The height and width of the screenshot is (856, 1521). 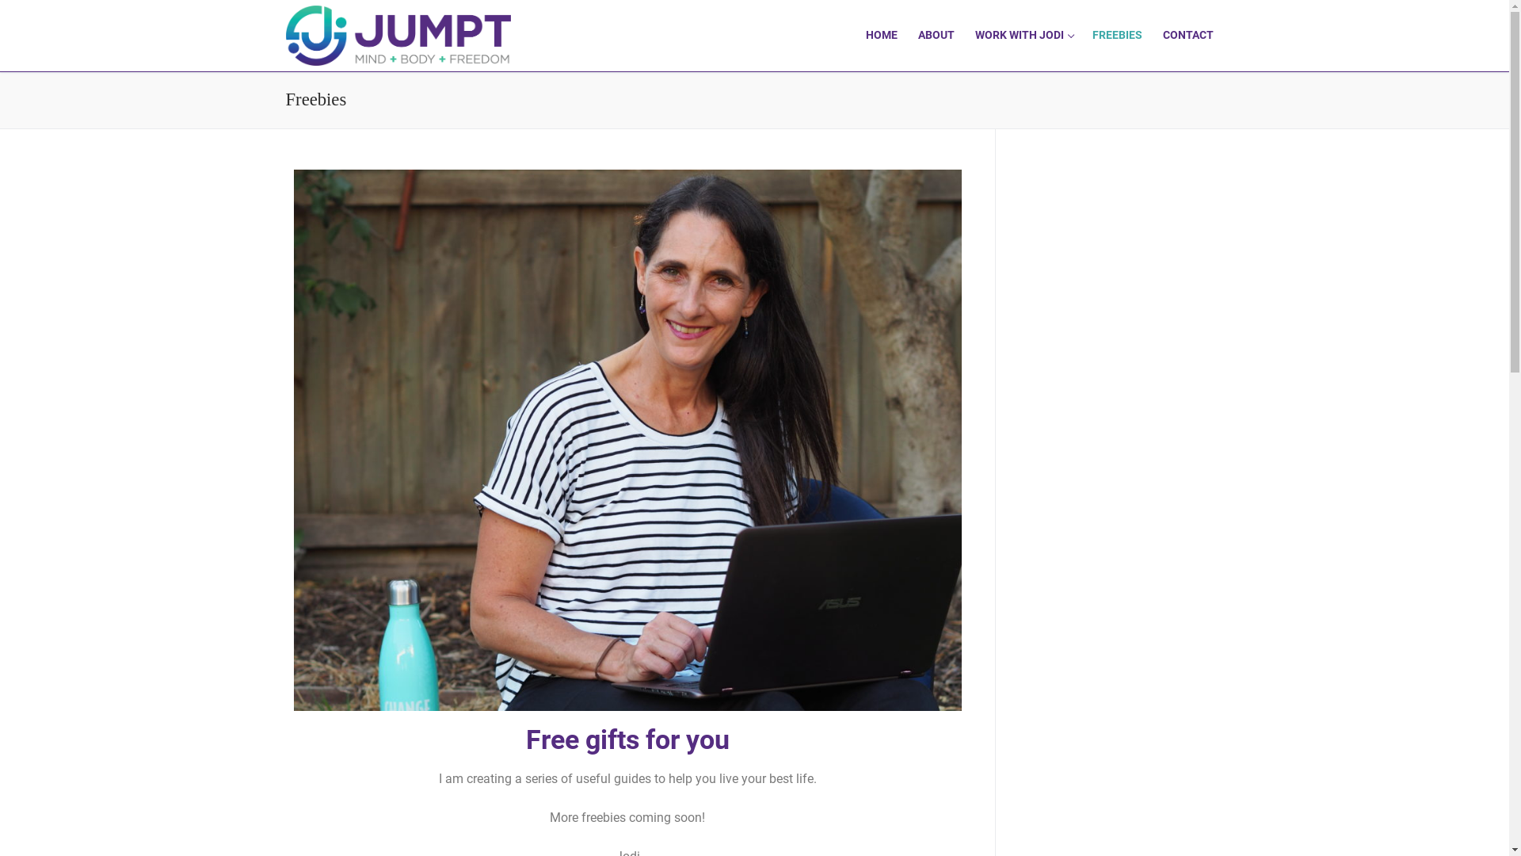 I want to click on 'WORK WITH JODI, so click(x=1023, y=36).